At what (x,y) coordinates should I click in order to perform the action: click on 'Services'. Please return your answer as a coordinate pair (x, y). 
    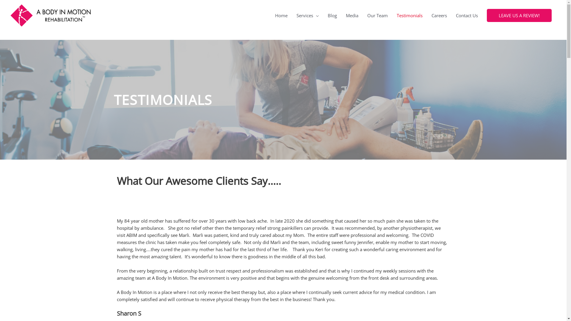
    Looking at the image, I should click on (292, 15).